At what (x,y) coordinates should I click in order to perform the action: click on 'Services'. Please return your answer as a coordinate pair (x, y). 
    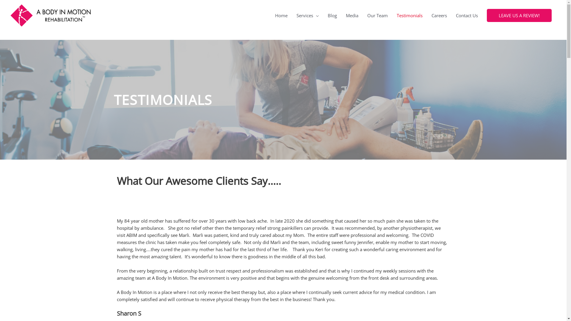
    Looking at the image, I should click on (292, 15).